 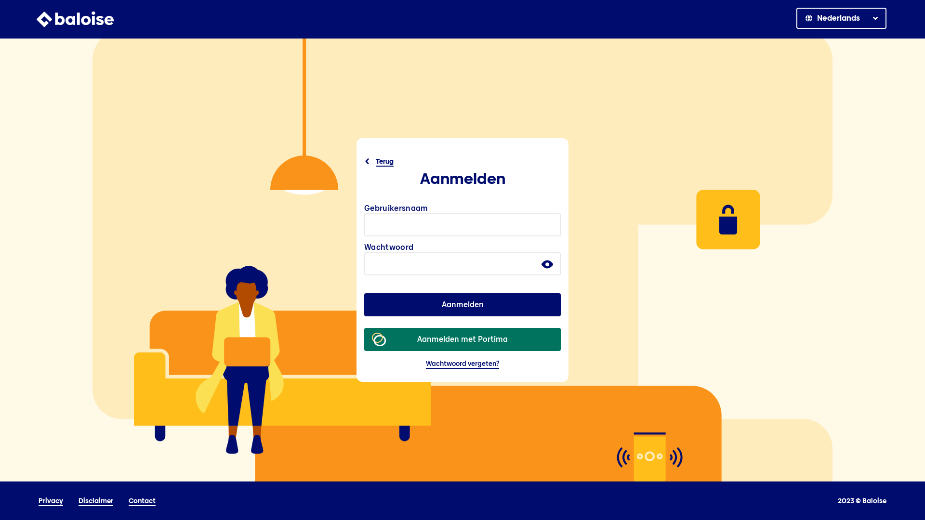 What do you see at coordinates (462, 339) in the screenshot?
I see `'Aanmelden met Portima'` at bounding box center [462, 339].